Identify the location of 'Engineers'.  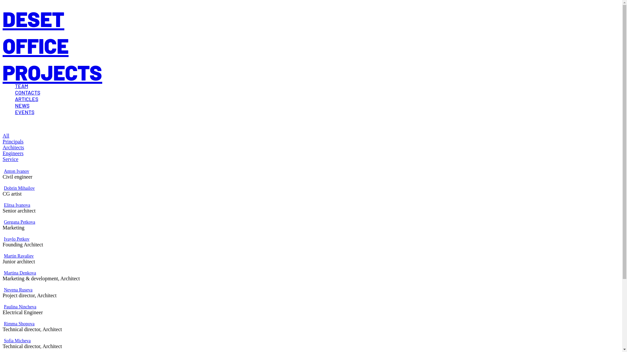
(13, 153).